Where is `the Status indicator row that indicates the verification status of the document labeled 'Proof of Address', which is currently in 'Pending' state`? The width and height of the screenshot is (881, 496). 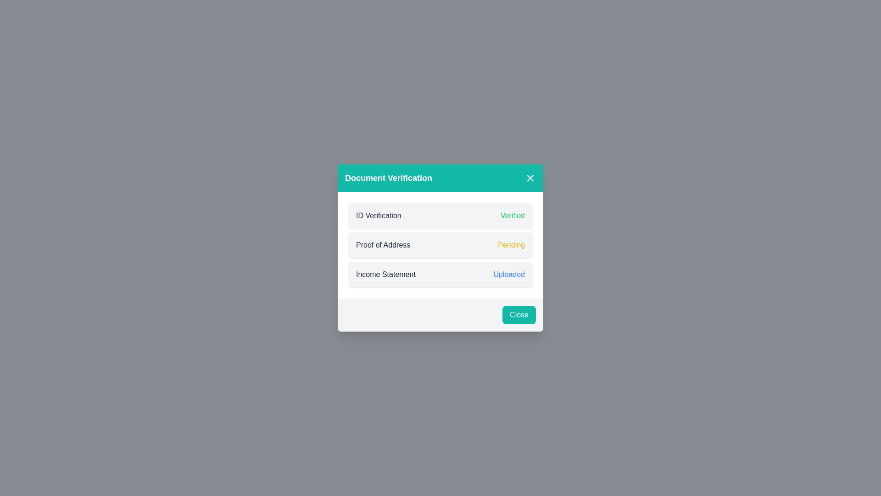
the Status indicator row that indicates the verification status of the document labeled 'Proof of Address', which is currently in 'Pending' state is located at coordinates (440, 244).